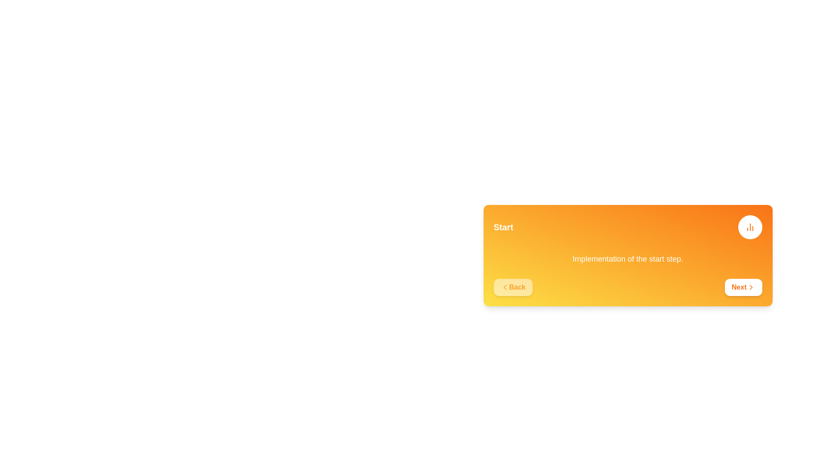 This screenshot has width=826, height=464. What do you see at coordinates (749, 226) in the screenshot?
I see `the button with a bar chart icon located at the top-right corner of the orange card` at bounding box center [749, 226].